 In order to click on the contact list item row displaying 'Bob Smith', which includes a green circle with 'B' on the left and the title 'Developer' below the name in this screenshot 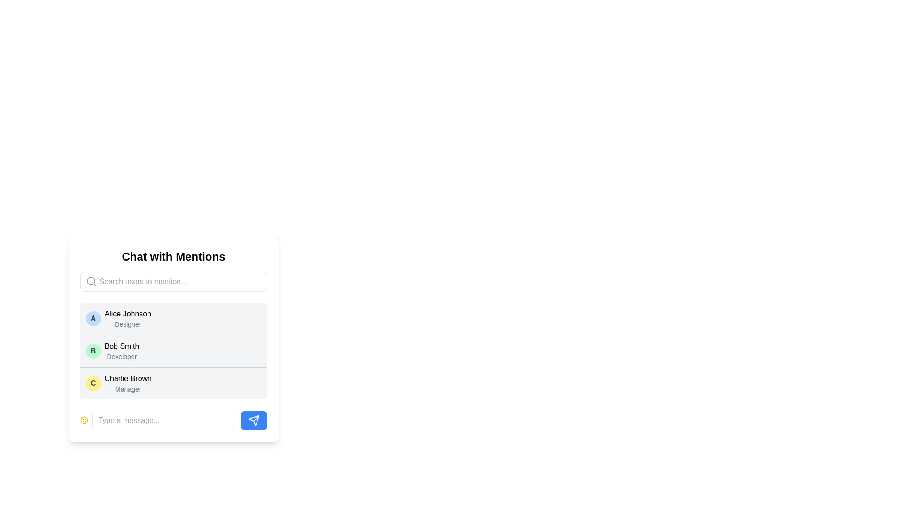, I will do `click(173, 351)`.